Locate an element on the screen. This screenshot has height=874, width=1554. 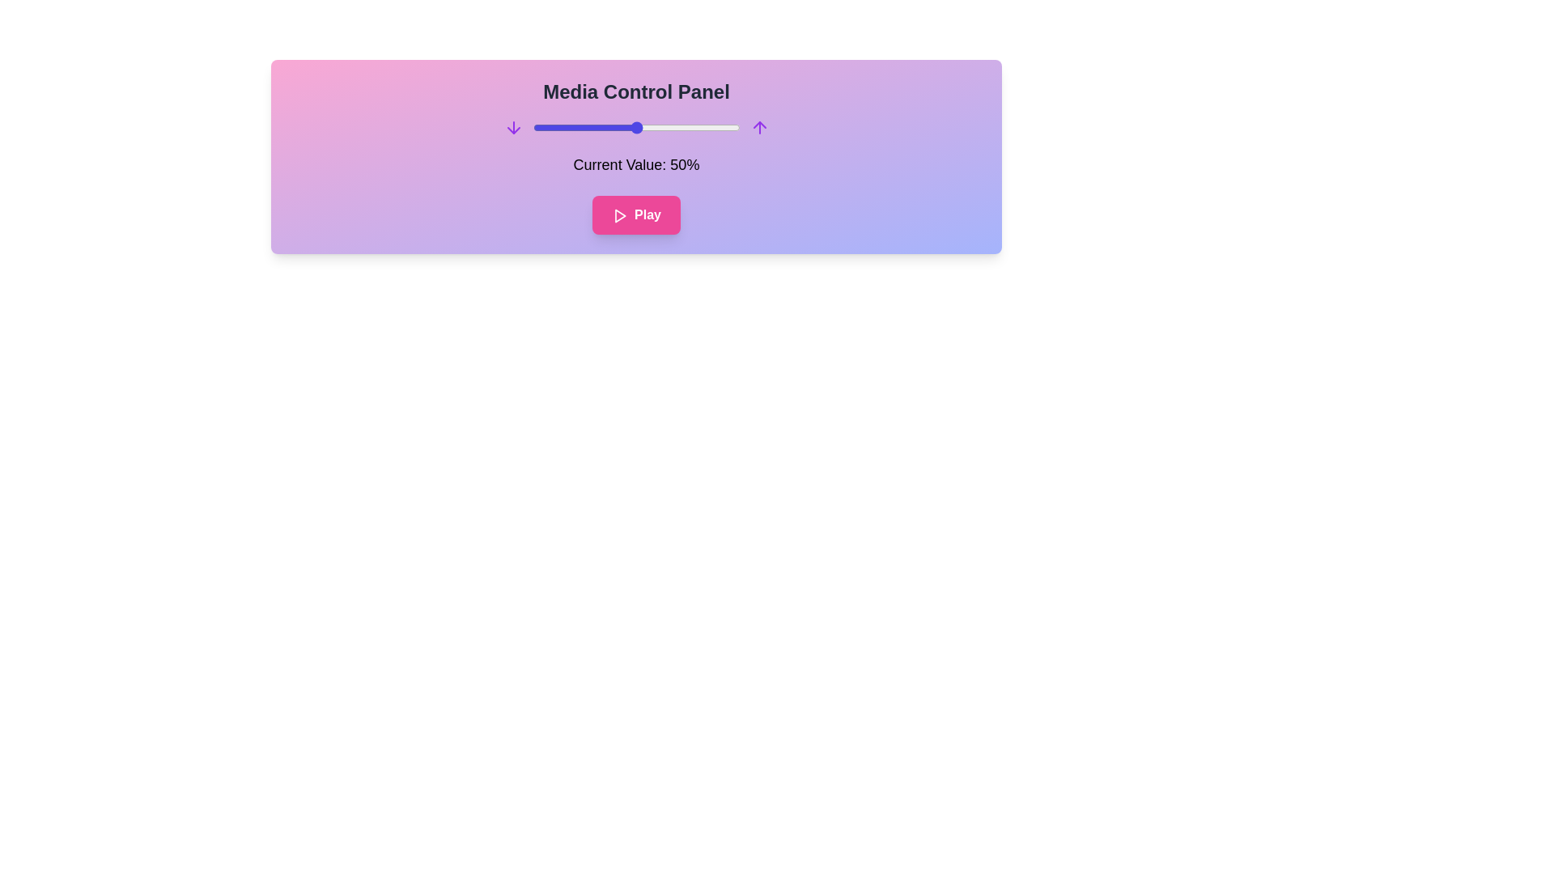
the slider to set its value to 22 is located at coordinates (578, 127).